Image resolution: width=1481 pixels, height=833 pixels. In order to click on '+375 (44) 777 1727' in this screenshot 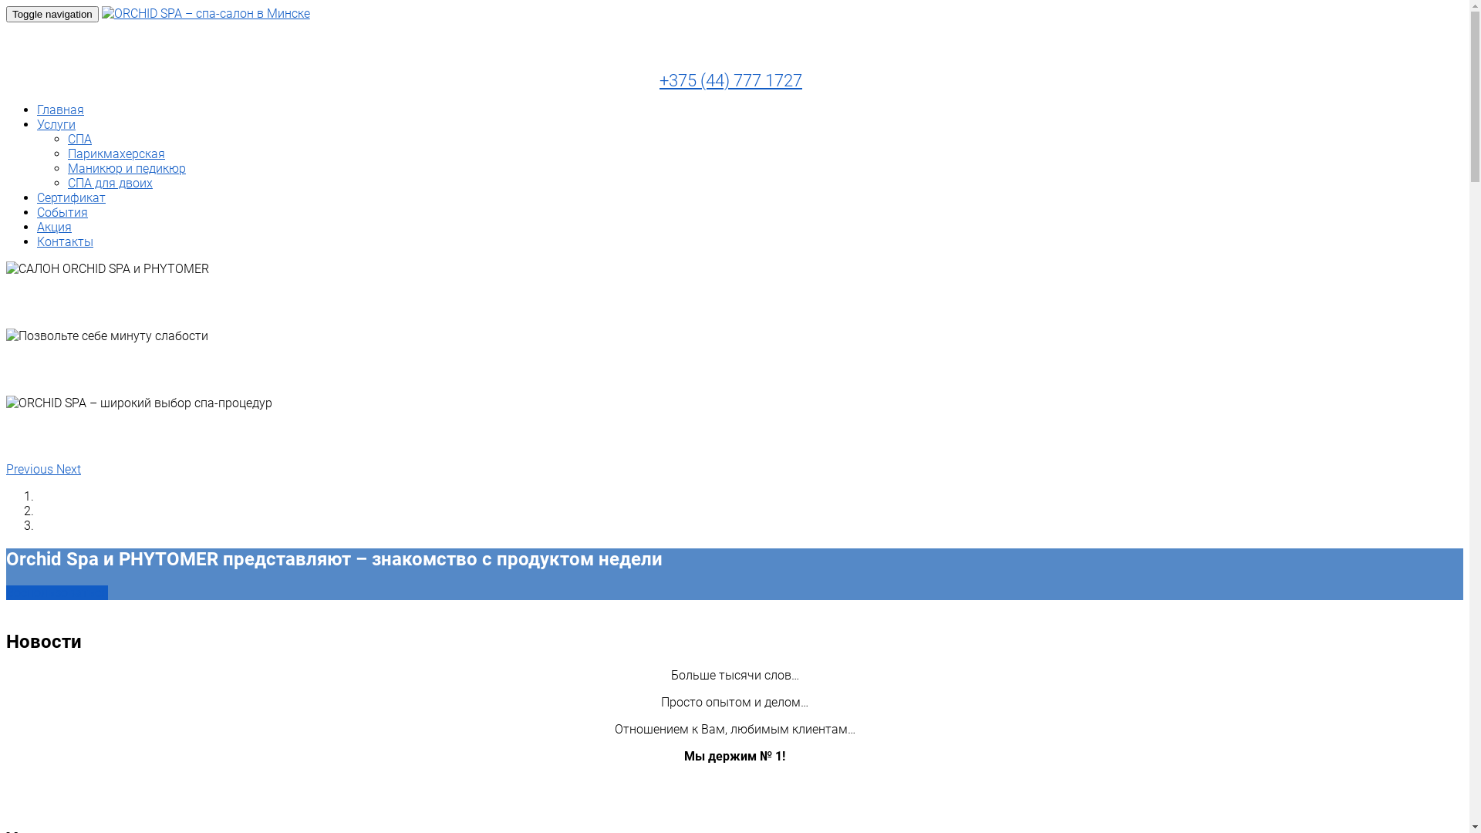, I will do `click(730, 80)`.